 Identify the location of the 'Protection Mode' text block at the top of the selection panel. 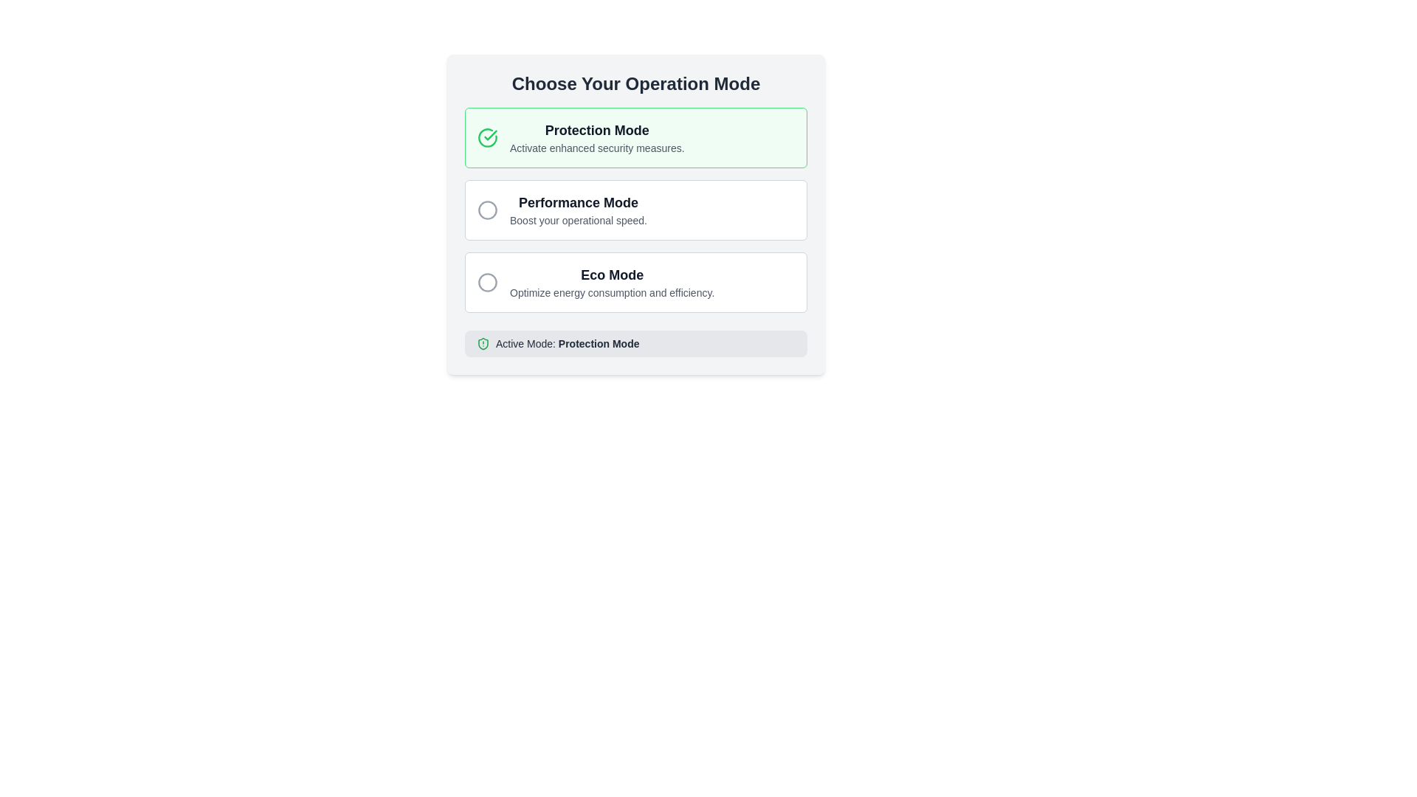
(597, 137).